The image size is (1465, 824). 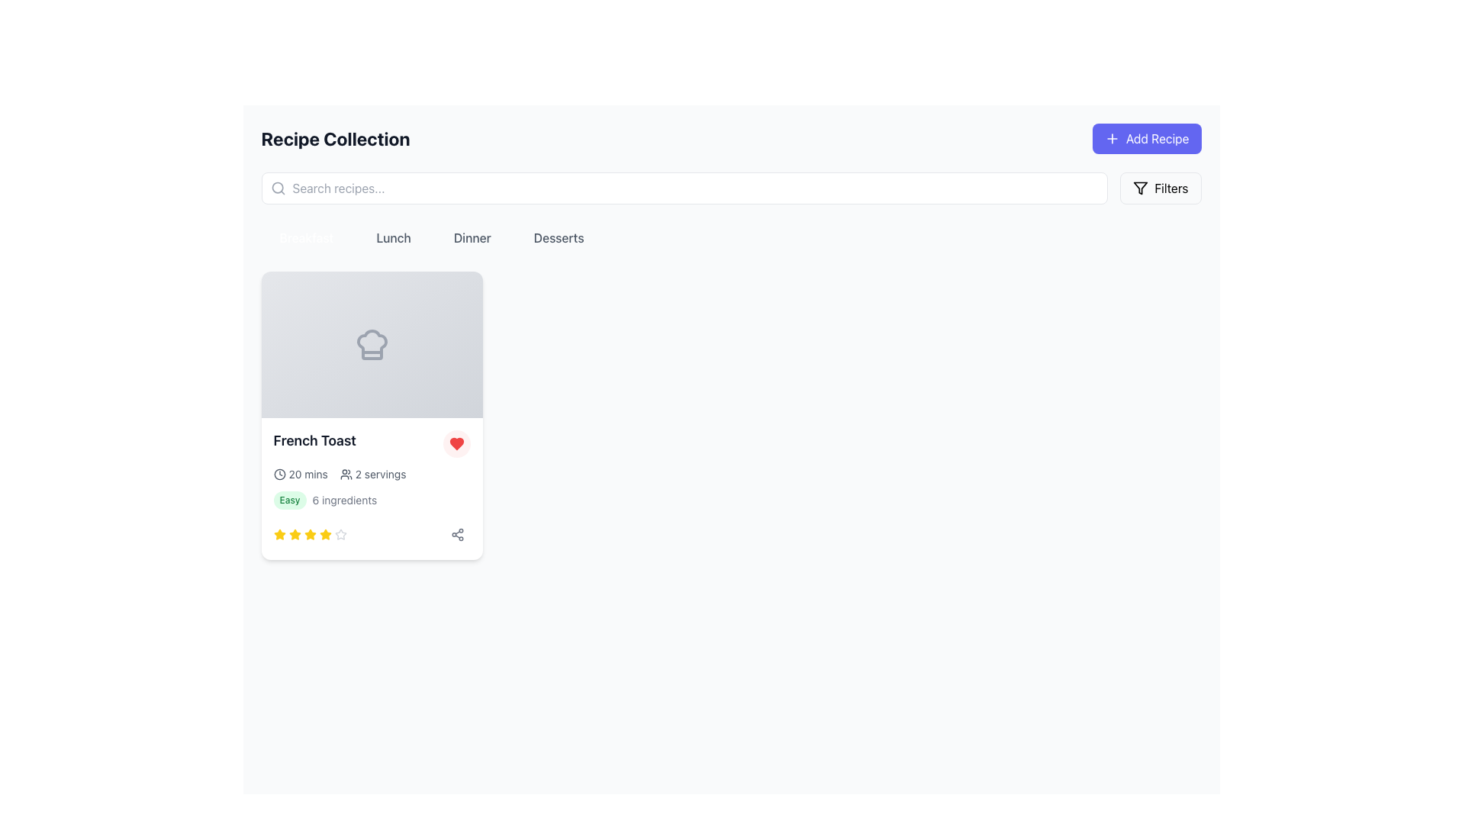 I want to click on the fifth star icon in the rating system for the 'French Toast' review, so click(x=324, y=534).